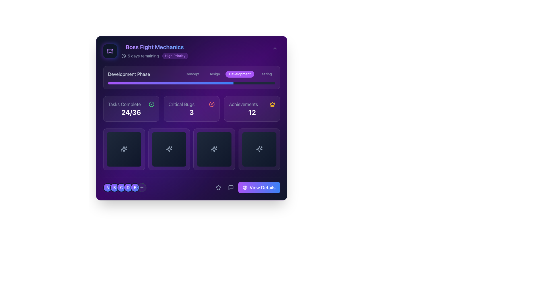 Image resolution: width=546 pixels, height=307 pixels. Describe the element at coordinates (191, 109) in the screenshot. I see `the 'Critical Bugs' card, which is a rectangular card with a gradient purple background, featuring the heading 'Critical Bugs' and a large numeral '3' in bold white text, along with a red circular icon with an X to the right of the heading` at that location.